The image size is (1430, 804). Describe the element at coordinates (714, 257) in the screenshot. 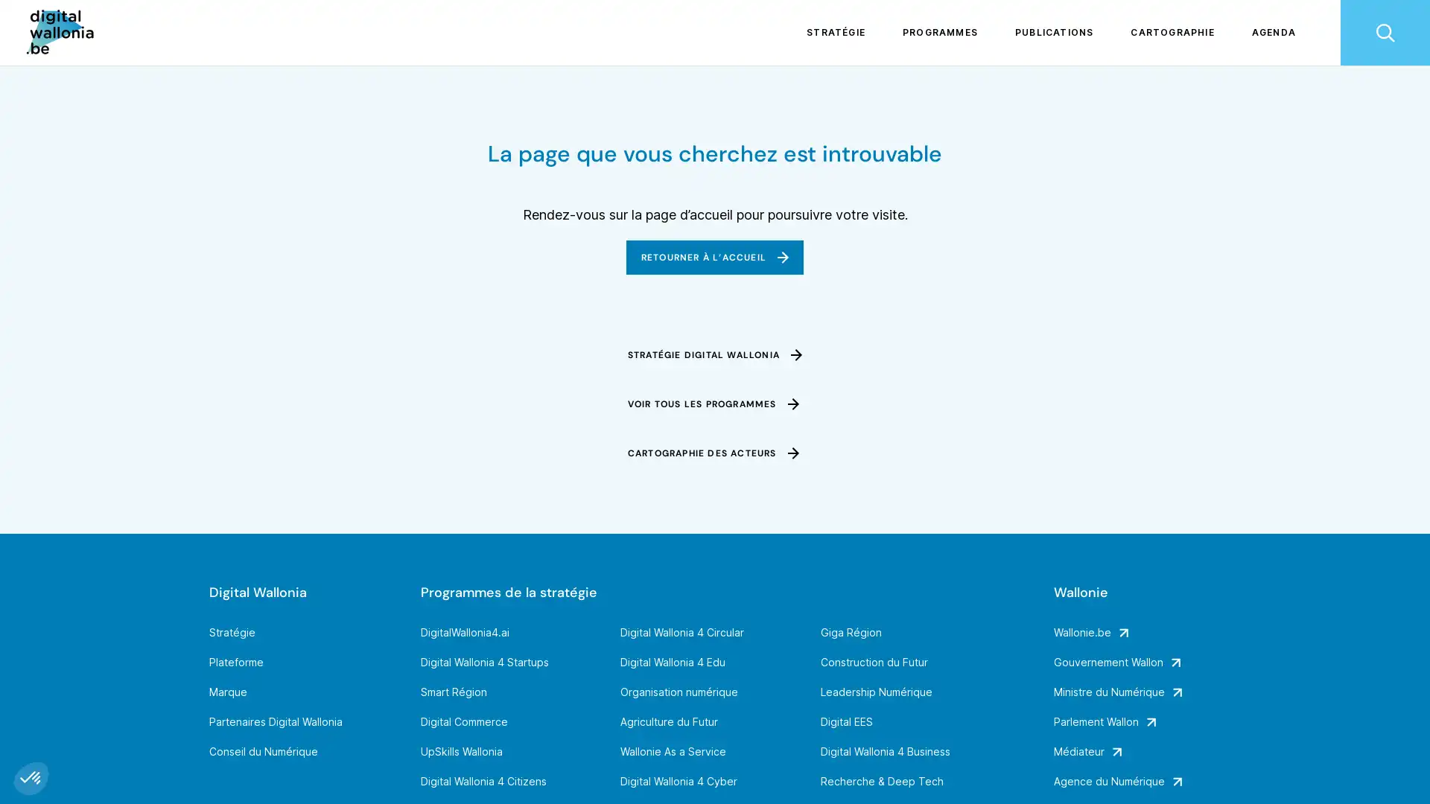

I see `RETOURNER A LACCUEIL Go to` at that location.